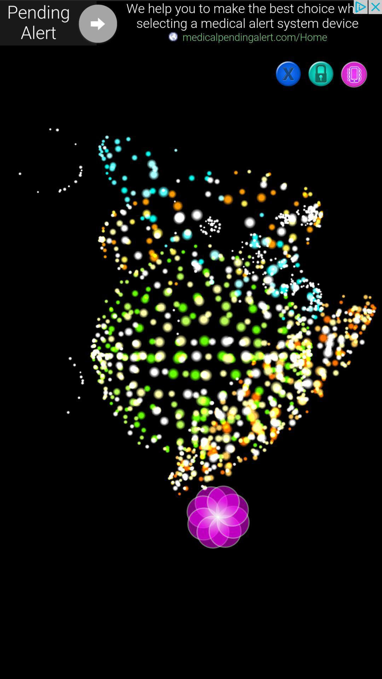 This screenshot has height=679, width=382. What do you see at coordinates (289, 74) in the screenshot?
I see `the close icon` at bounding box center [289, 74].